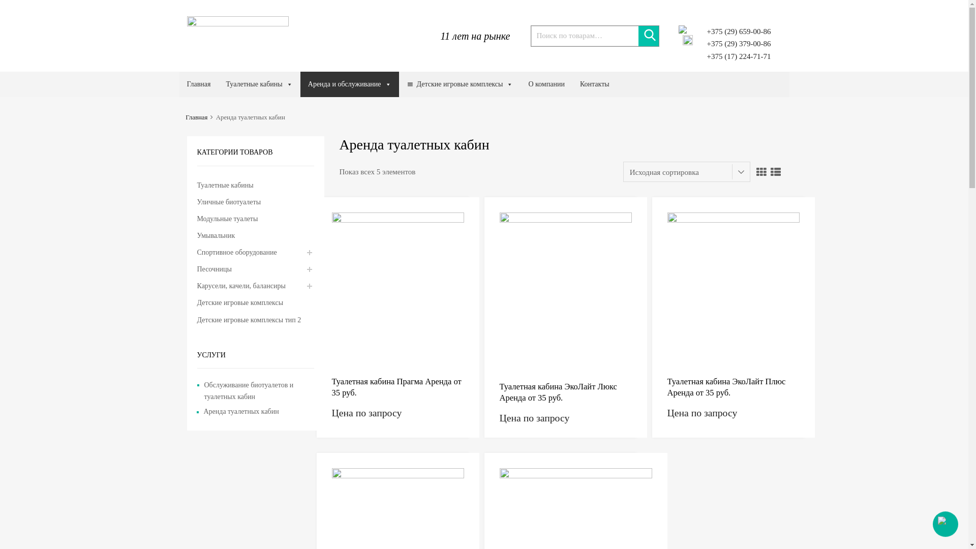 Image resolution: width=976 pixels, height=549 pixels. What do you see at coordinates (775, 170) in the screenshot?
I see `'List View'` at bounding box center [775, 170].